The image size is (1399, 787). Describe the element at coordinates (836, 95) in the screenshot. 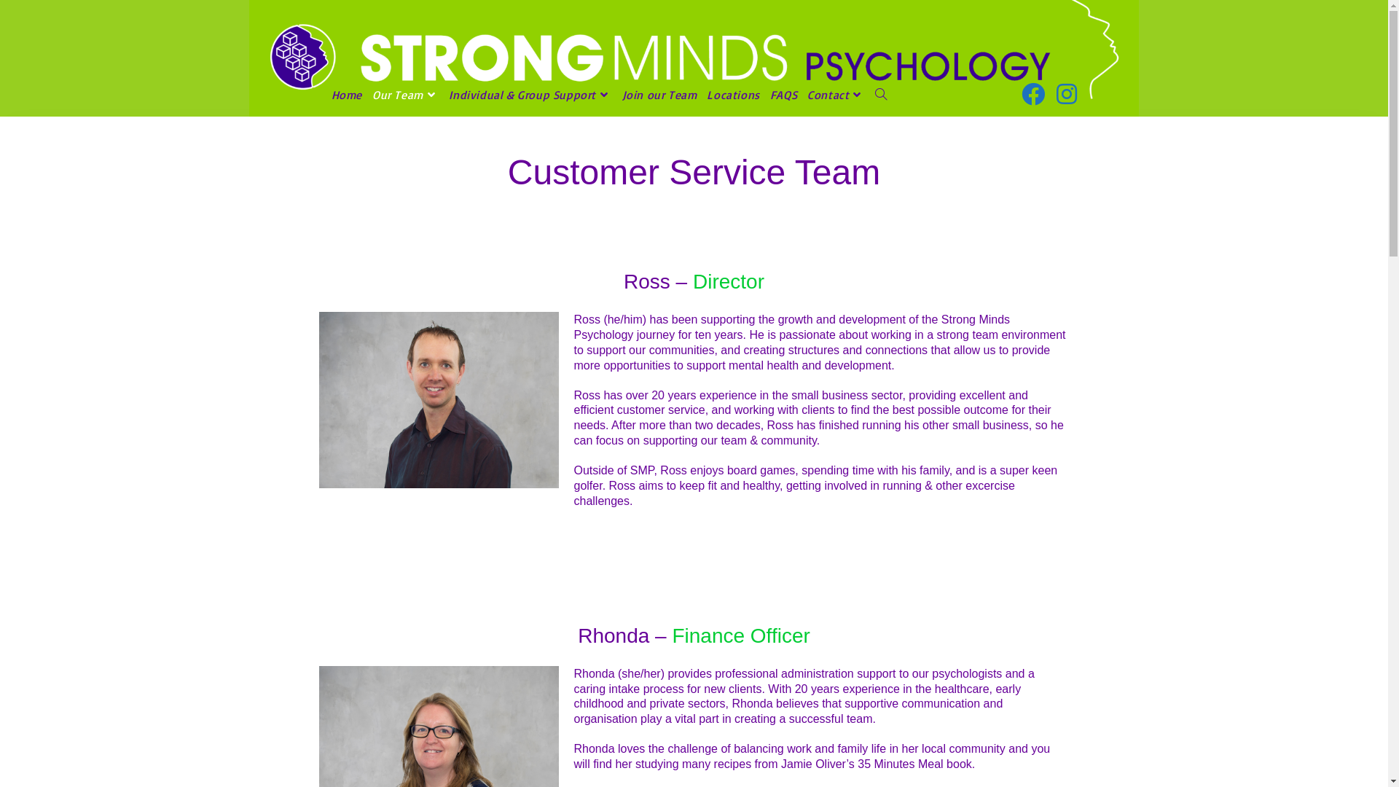

I see `'Contact'` at that location.